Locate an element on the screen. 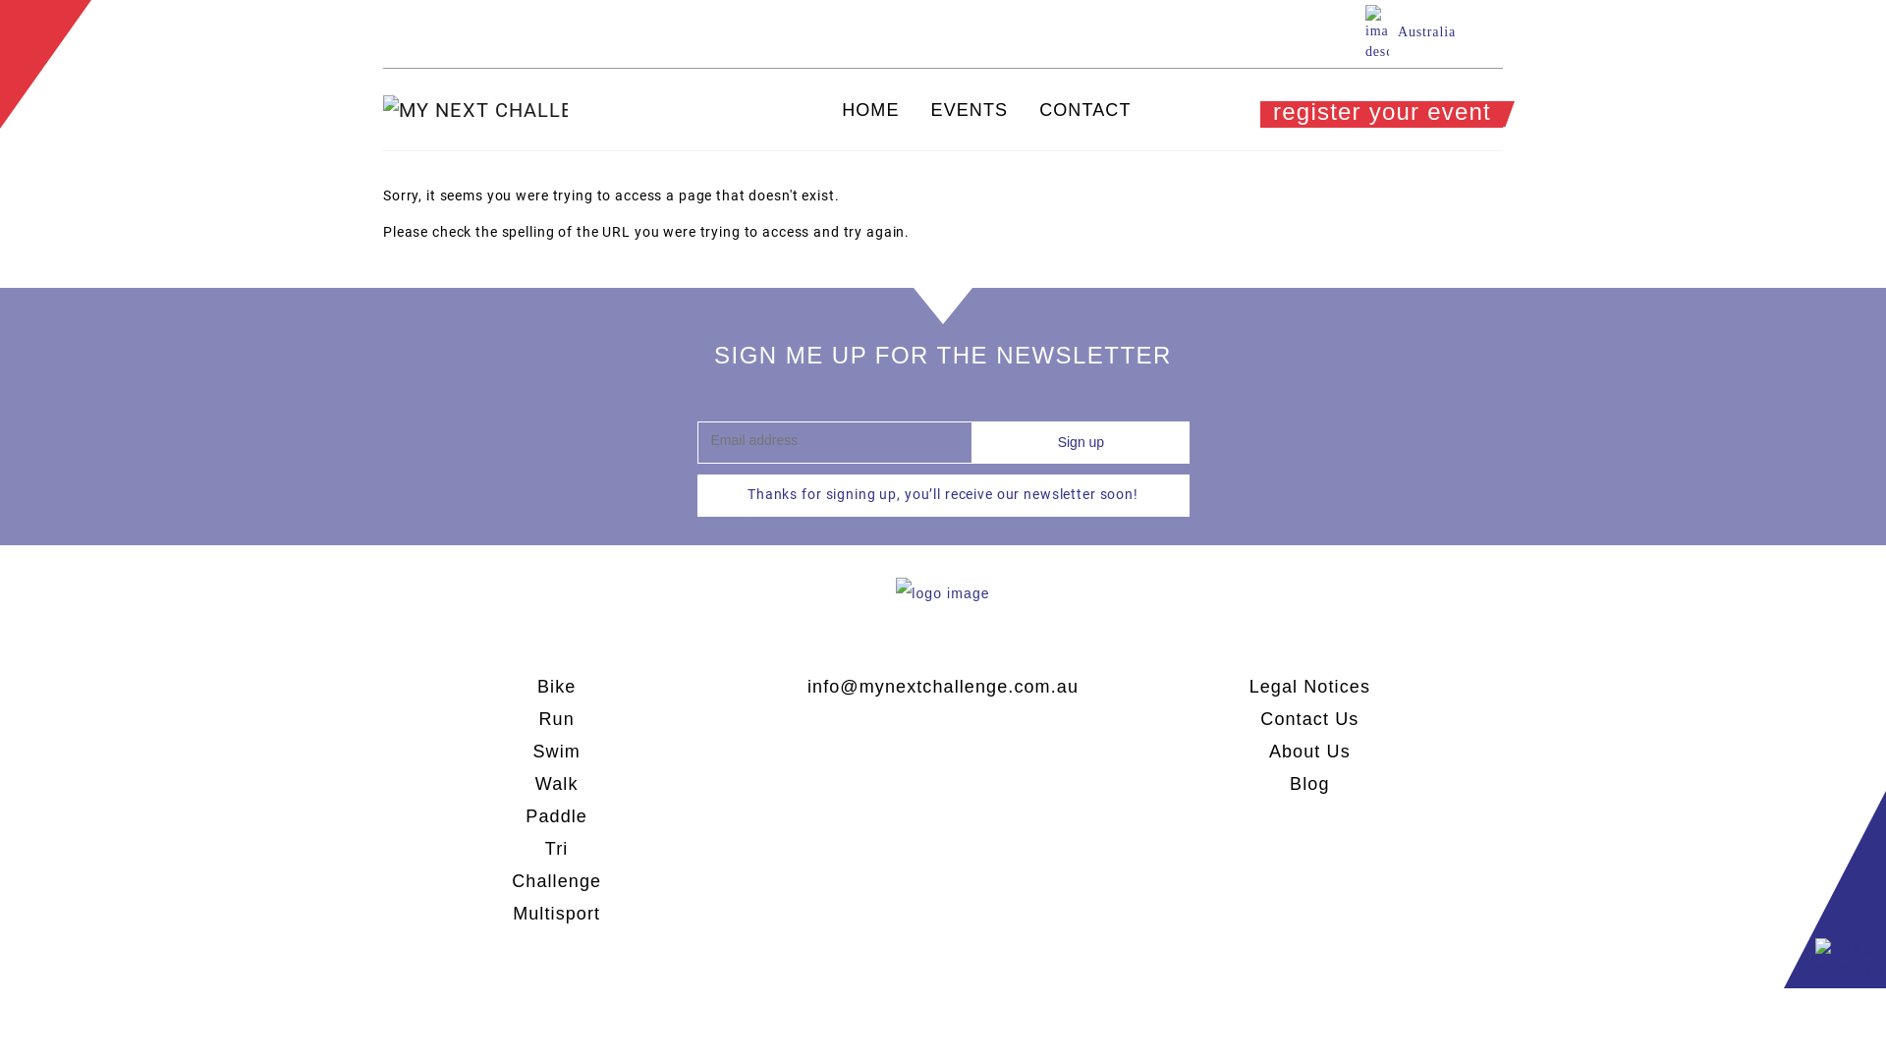 The width and height of the screenshot is (1886, 1061). 'Sign up' is located at coordinates (1079, 442).